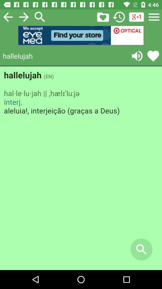 Image resolution: width=162 pixels, height=289 pixels. What do you see at coordinates (154, 17) in the screenshot?
I see `open menu` at bounding box center [154, 17].